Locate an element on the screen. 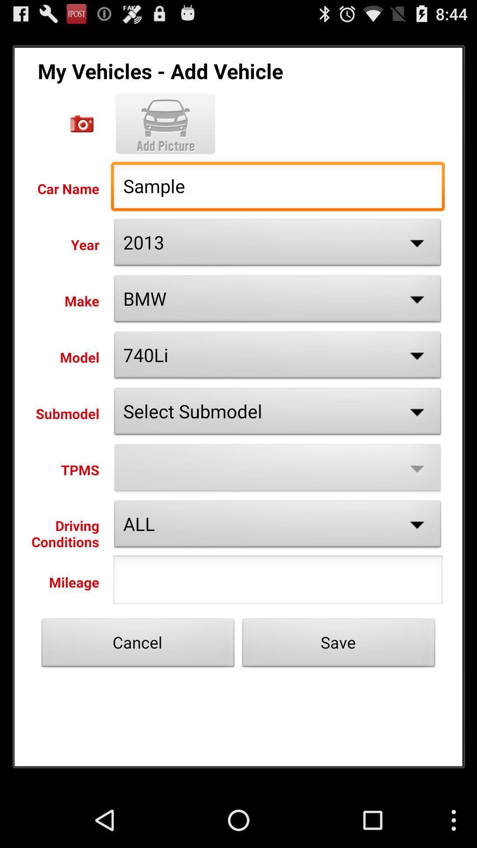  picture is located at coordinates (165, 123).